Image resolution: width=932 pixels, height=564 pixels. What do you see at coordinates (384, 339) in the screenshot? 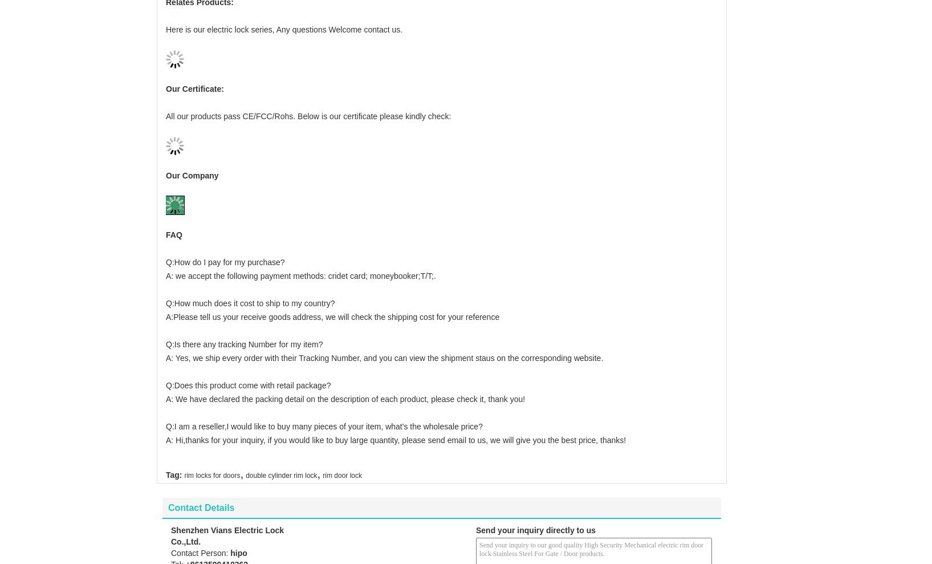
I see `'A: Yes, we ship every order with their Tracking Number, and you can view the shipment staus on the corresponding website.'` at bounding box center [384, 339].